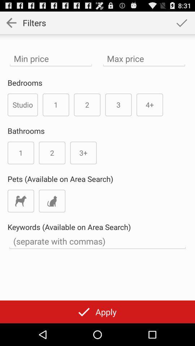  I want to click on dog, so click(21, 201).